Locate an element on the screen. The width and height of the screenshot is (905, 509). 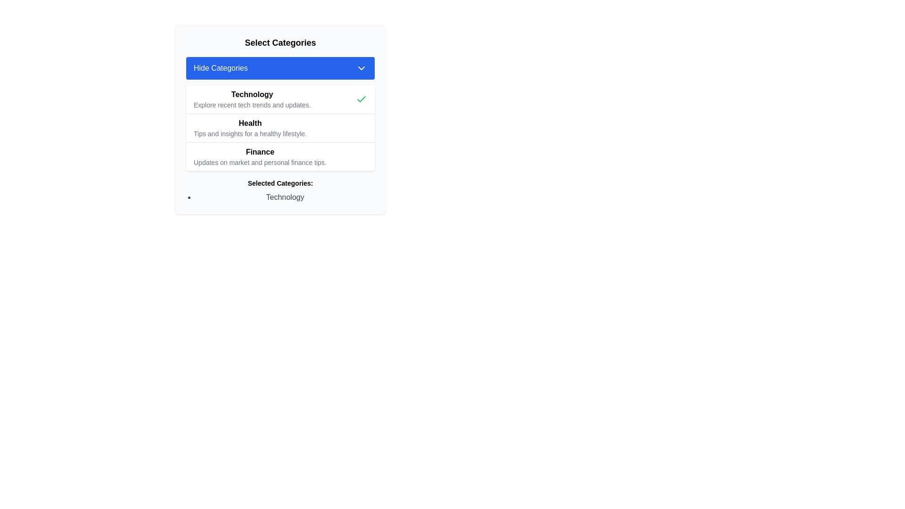
the static heading or title text label located at the top of the card-like interface, which is positioned directly above the blue button labeled 'Hide Categories' is located at coordinates (280, 43).